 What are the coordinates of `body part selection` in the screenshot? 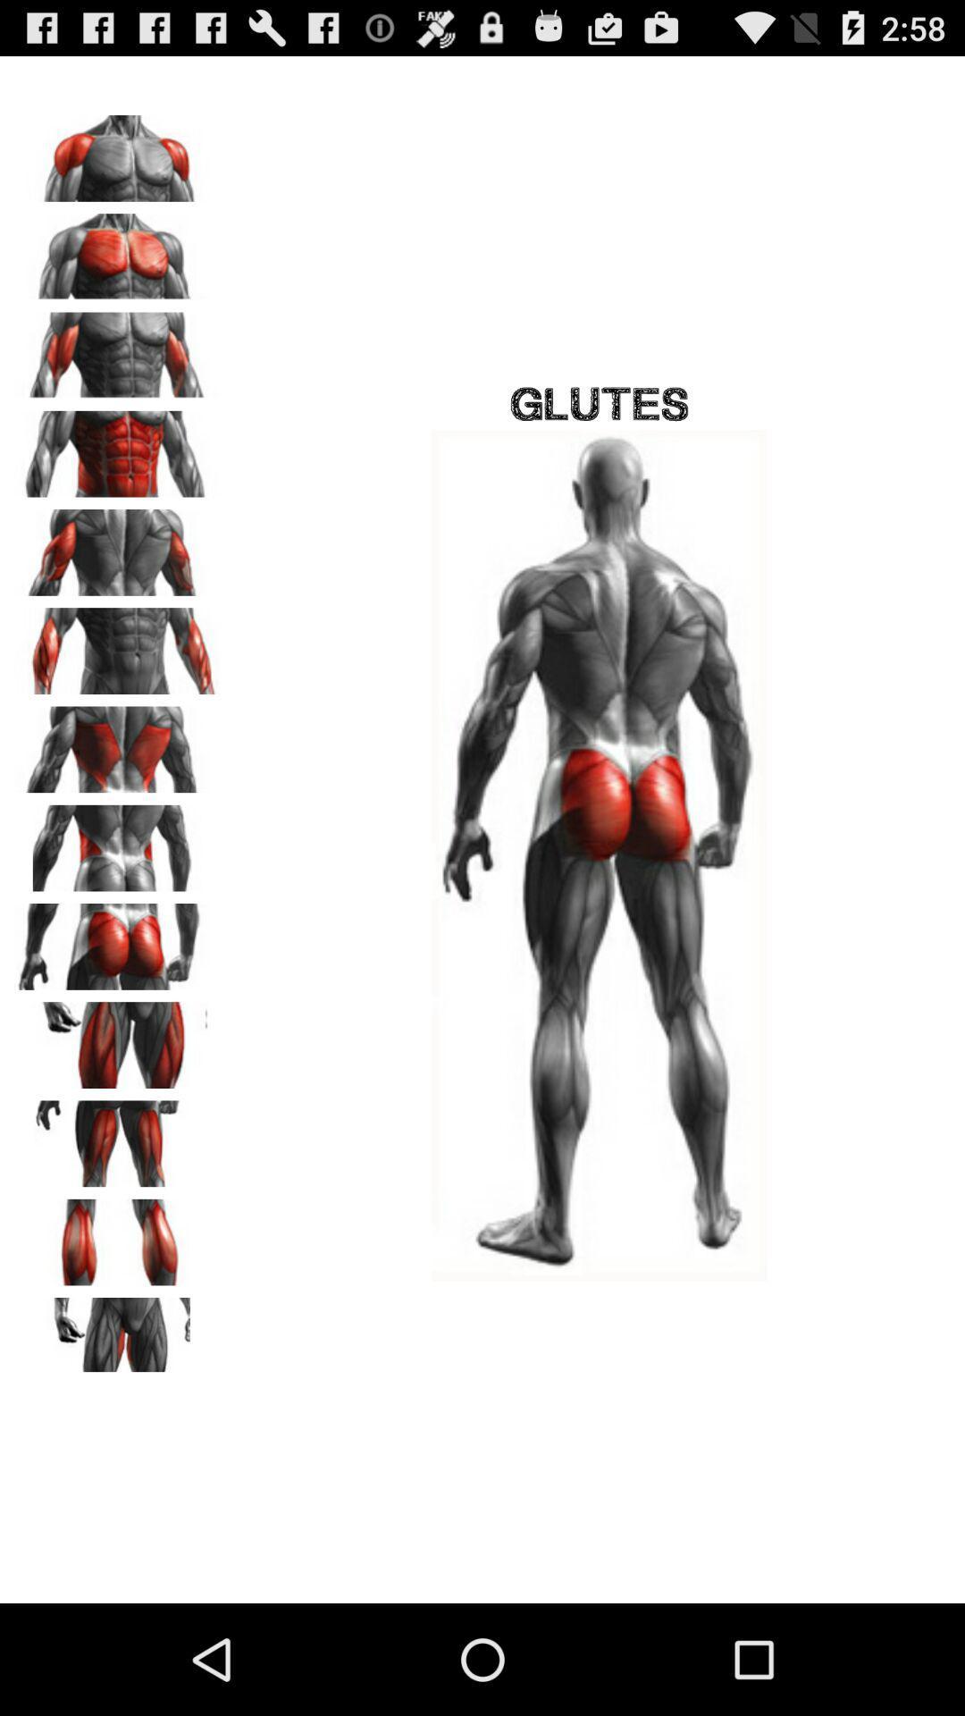 It's located at (117, 1334).